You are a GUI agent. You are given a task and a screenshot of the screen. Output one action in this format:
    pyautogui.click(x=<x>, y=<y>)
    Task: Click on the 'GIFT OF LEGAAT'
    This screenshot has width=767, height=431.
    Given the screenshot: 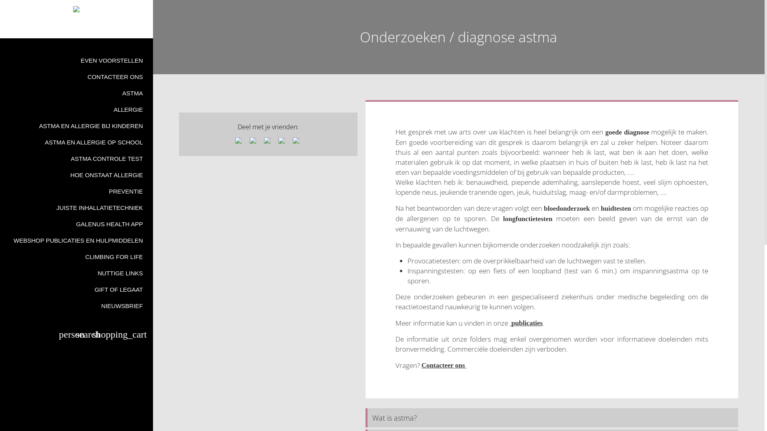 What is the action you would take?
    pyautogui.click(x=76, y=289)
    